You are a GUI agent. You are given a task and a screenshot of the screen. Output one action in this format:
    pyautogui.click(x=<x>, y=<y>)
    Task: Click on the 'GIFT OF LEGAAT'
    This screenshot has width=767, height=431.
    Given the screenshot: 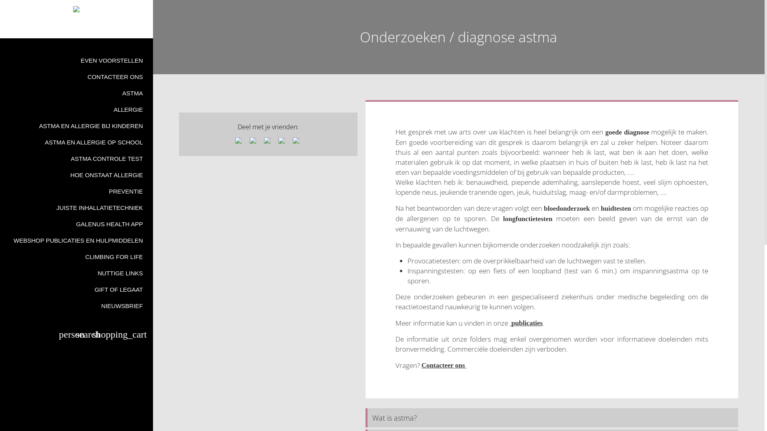 What is the action you would take?
    pyautogui.click(x=76, y=289)
    